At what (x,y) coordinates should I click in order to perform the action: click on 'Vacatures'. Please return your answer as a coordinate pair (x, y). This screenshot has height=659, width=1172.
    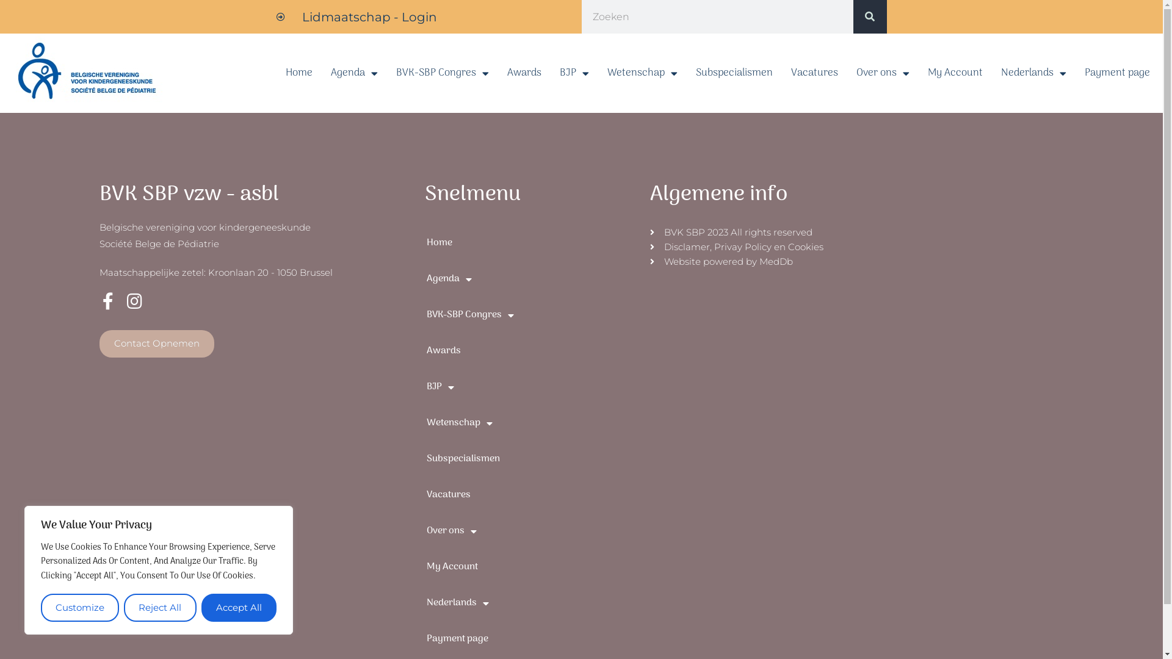
    Looking at the image, I should click on (814, 73).